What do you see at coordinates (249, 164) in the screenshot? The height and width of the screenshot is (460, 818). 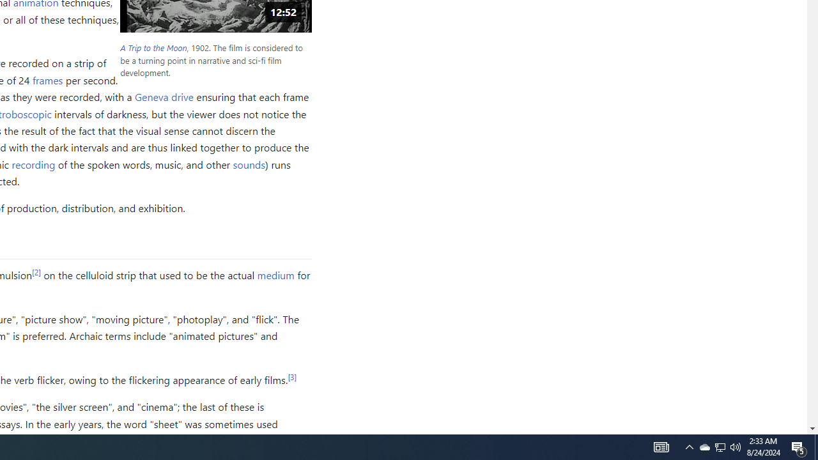 I see `'sounds'` at bounding box center [249, 164].